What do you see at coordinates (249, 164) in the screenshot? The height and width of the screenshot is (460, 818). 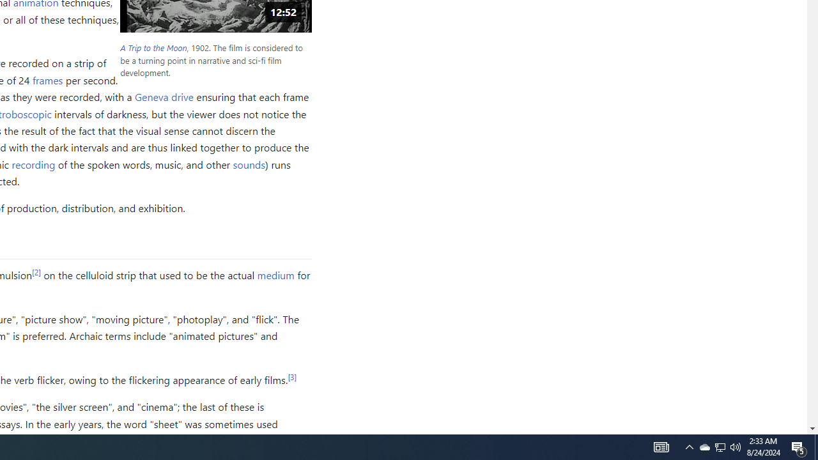 I see `'sounds'` at bounding box center [249, 164].